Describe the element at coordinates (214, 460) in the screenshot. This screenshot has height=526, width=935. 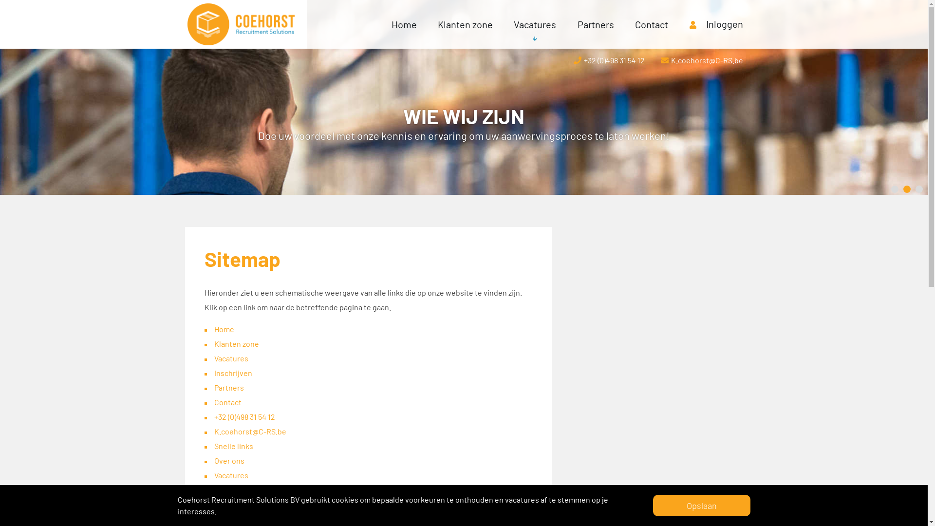
I see `'Over ons'` at that location.